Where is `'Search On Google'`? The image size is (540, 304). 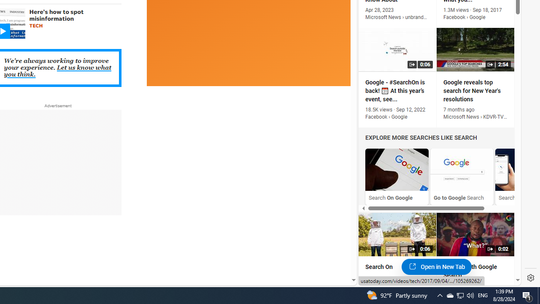
'Search On Google' is located at coordinates (397, 176).